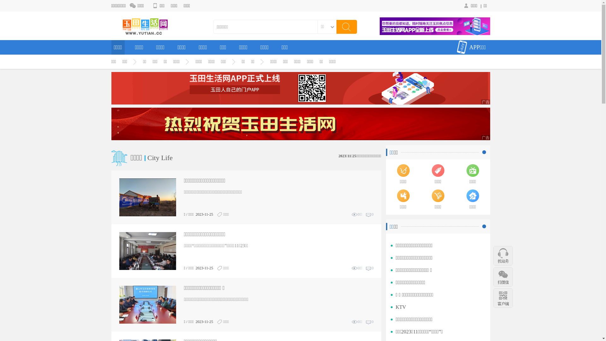 The image size is (606, 341). Describe the element at coordinates (401, 307) in the screenshot. I see `'KTV'` at that location.